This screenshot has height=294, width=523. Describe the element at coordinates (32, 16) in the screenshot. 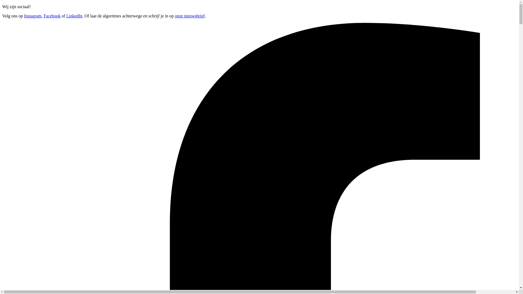

I see `'Instagram'` at that location.